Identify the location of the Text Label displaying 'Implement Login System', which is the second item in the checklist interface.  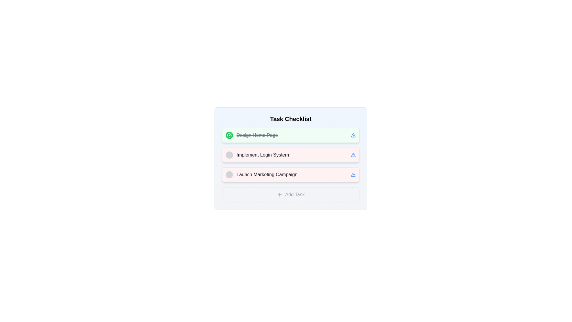
(262, 155).